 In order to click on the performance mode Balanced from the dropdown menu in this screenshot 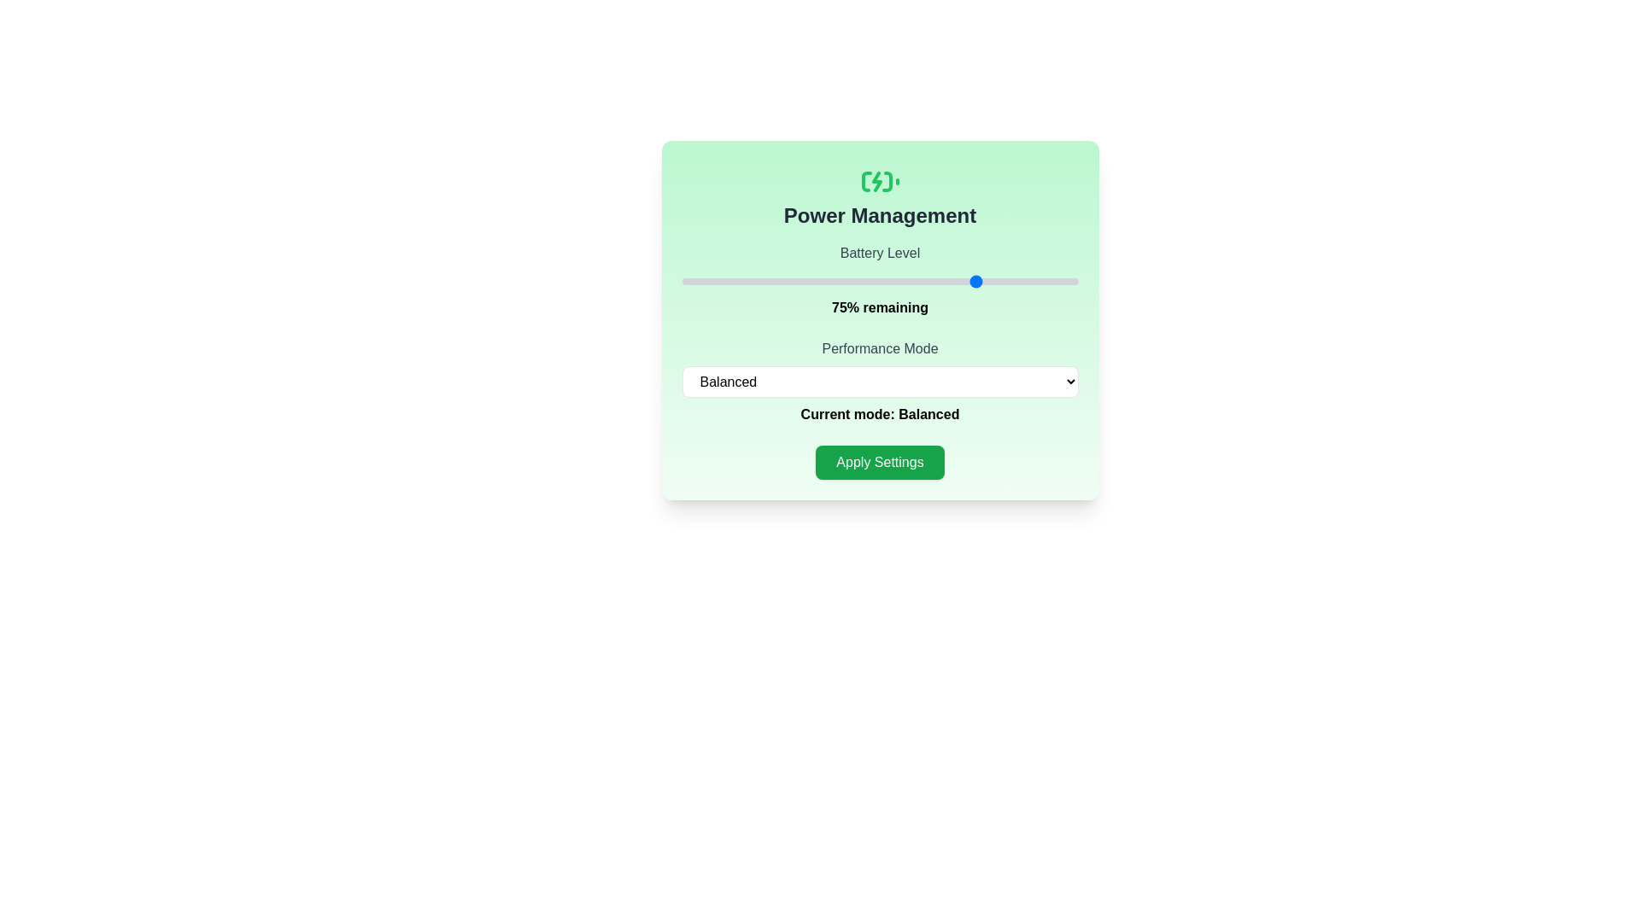, I will do `click(880, 381)`.